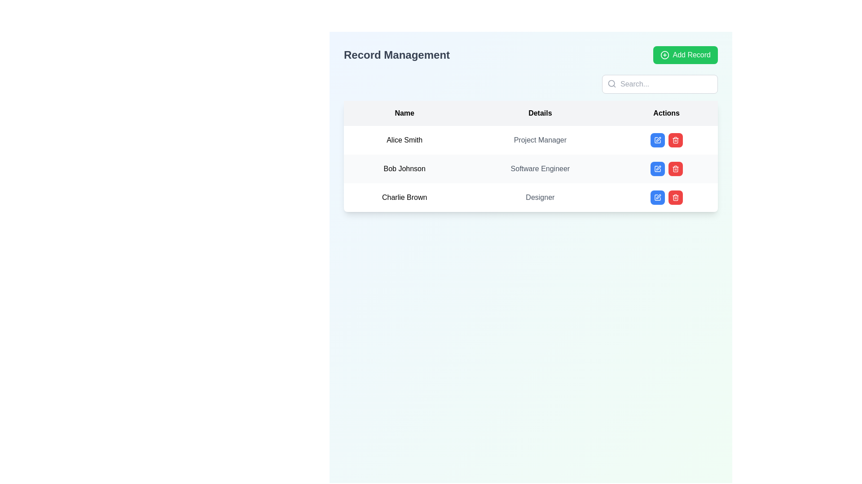 The width and height of the screenshot is (862, 484). I want to click on the editing icon located in the 'Actions' column adjacent to 'Software Engineer', so click(657, 140).